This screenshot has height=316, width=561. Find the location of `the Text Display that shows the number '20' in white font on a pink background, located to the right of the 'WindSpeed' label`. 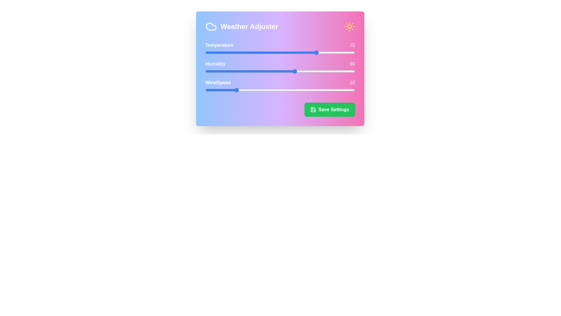

the Text Display that shows the number '20' in white font on a pink background, located to the right of the 'WindSpeed' label is located at coordinates (352, 83).